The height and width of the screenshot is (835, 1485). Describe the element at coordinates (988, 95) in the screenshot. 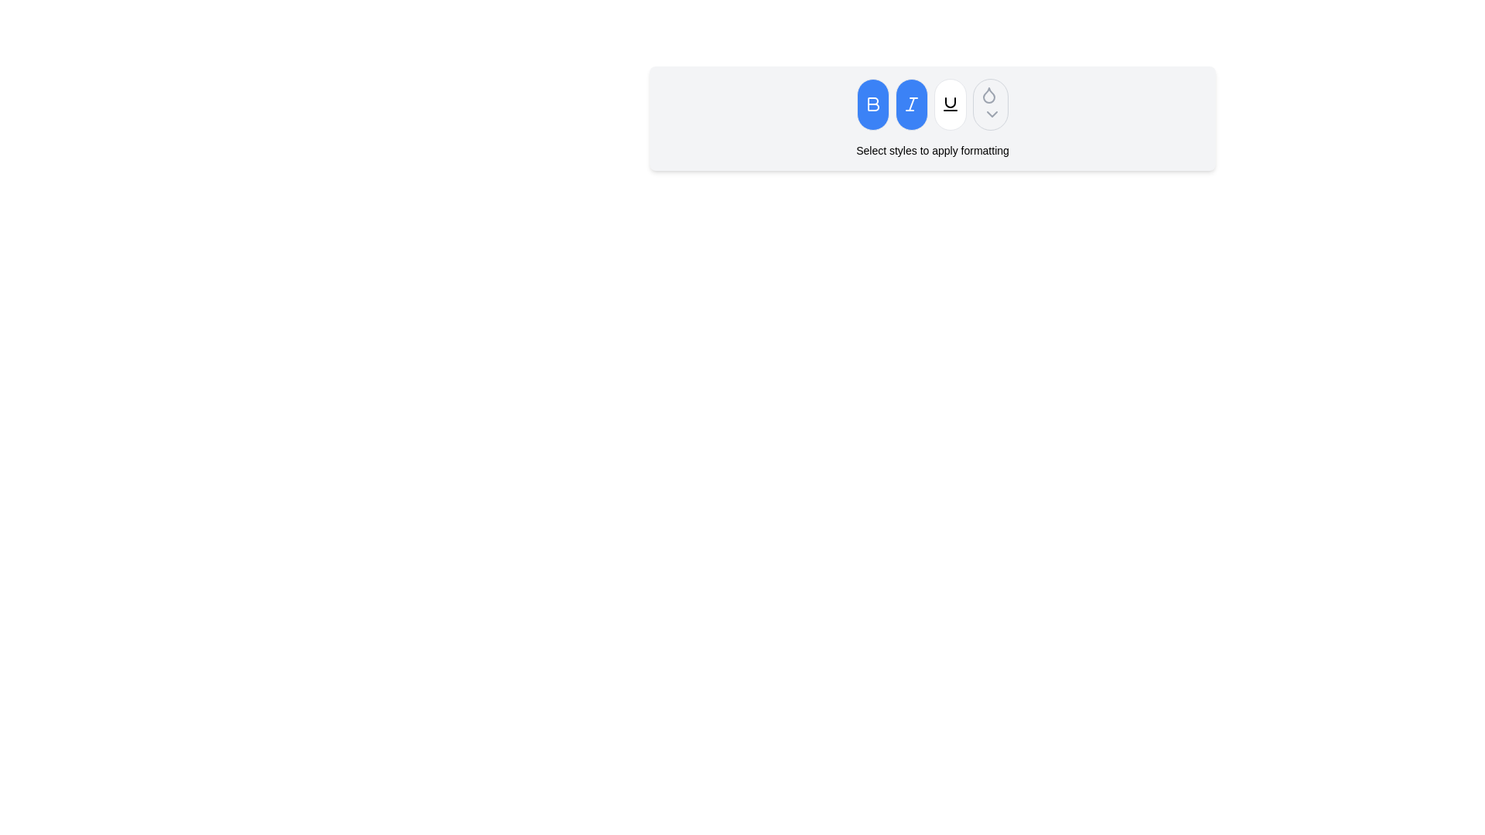

I see `the decorative water-related icon located at the center of the toolbar containing formatting options` at that location.